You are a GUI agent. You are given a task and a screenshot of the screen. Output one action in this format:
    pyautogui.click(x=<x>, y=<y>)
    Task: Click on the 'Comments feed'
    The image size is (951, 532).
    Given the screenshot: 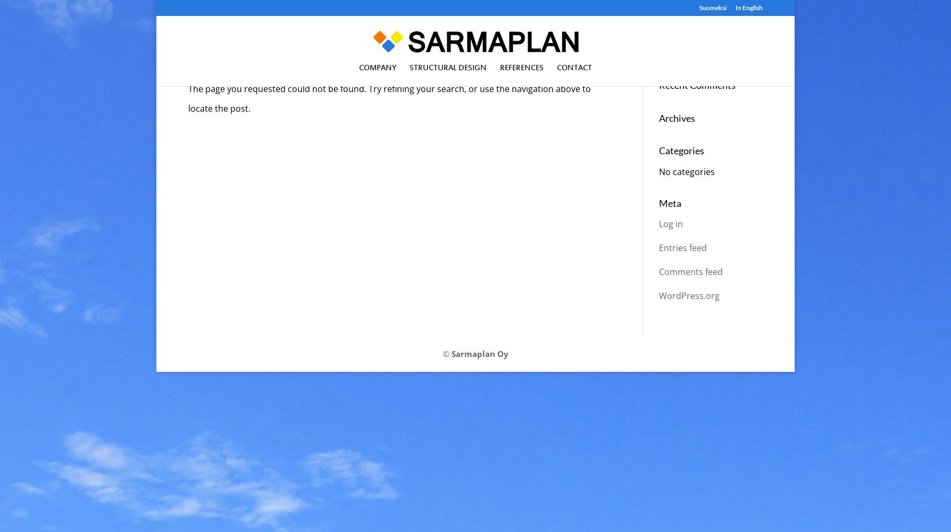 What is the action you would take?
    pyautogui.click(x=658, y=271)
    